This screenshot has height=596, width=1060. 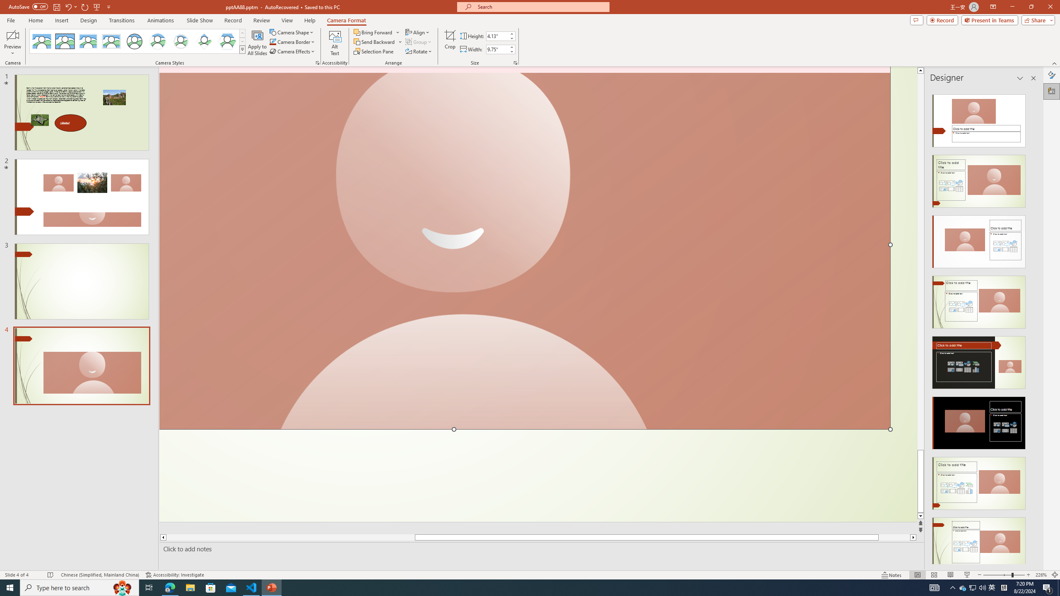 I want to click on 'Bring Forward', so click(x=373, y=32).